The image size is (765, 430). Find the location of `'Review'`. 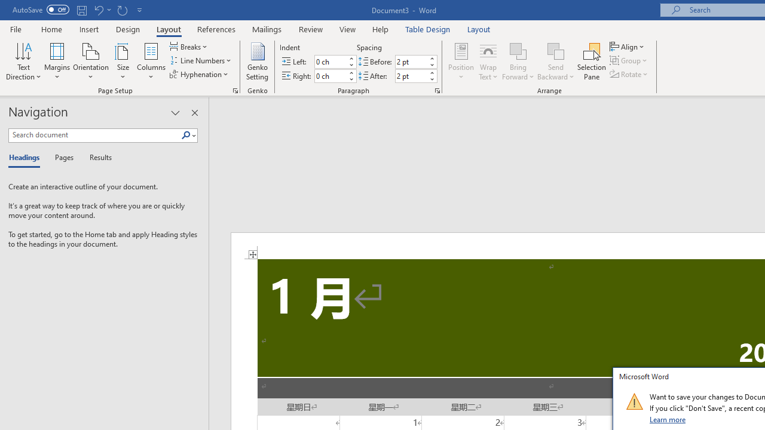

'Review' is located at coordinates (311, 29).